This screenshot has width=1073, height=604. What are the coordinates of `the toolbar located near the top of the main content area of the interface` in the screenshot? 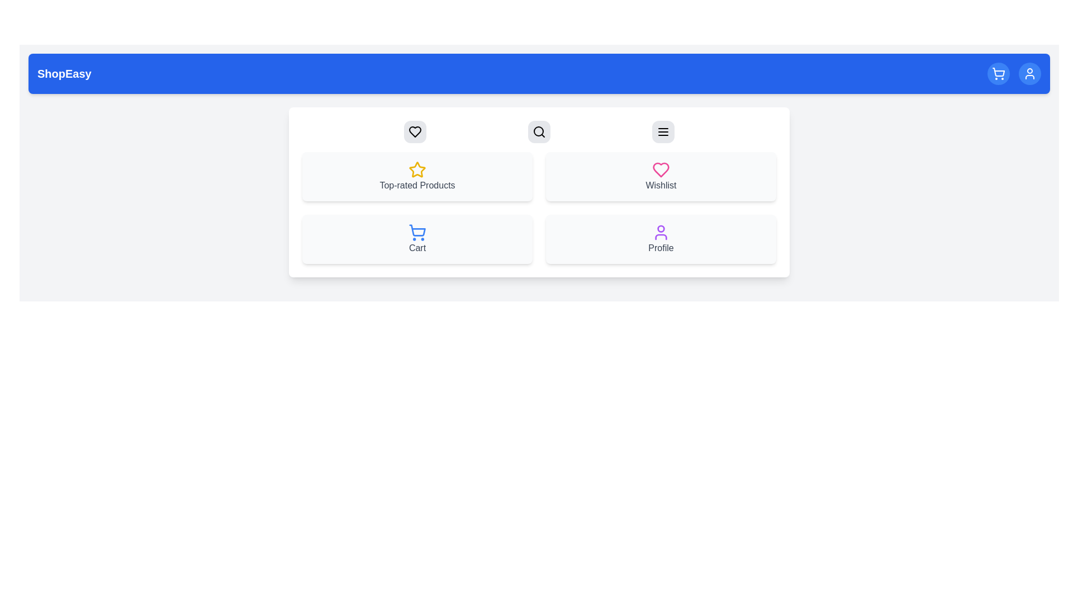 It's located at (539, 131).